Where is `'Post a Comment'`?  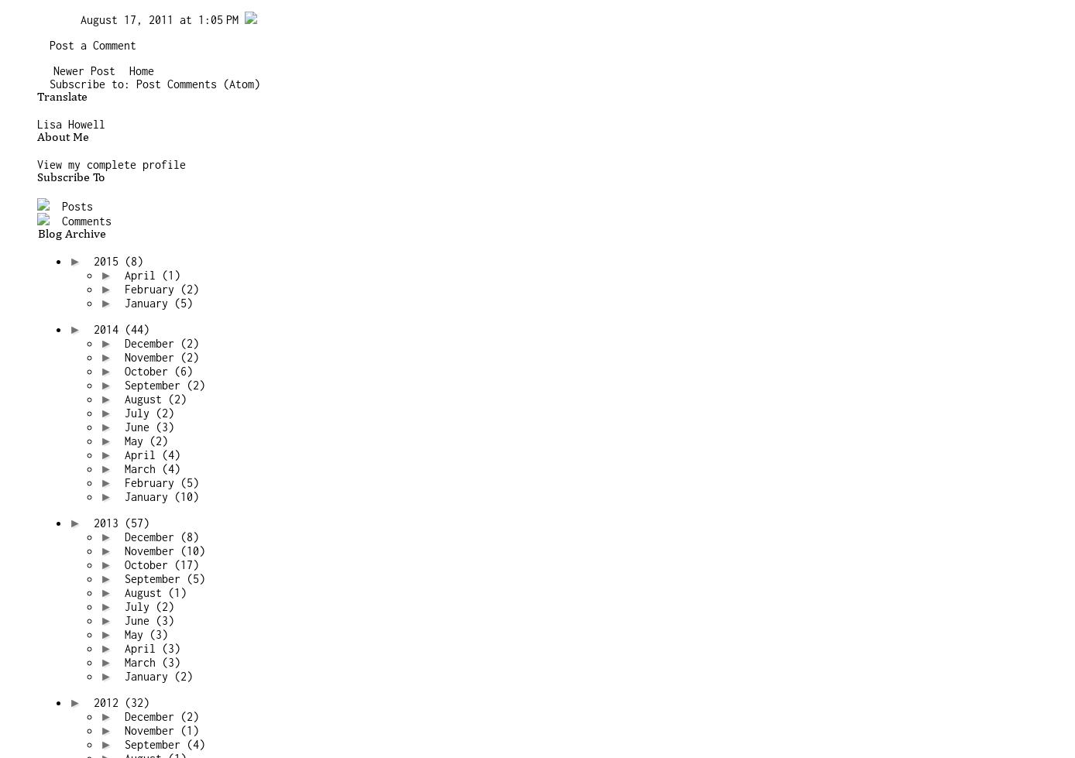 'Post a Comment' is located at coordinates (93, 45).